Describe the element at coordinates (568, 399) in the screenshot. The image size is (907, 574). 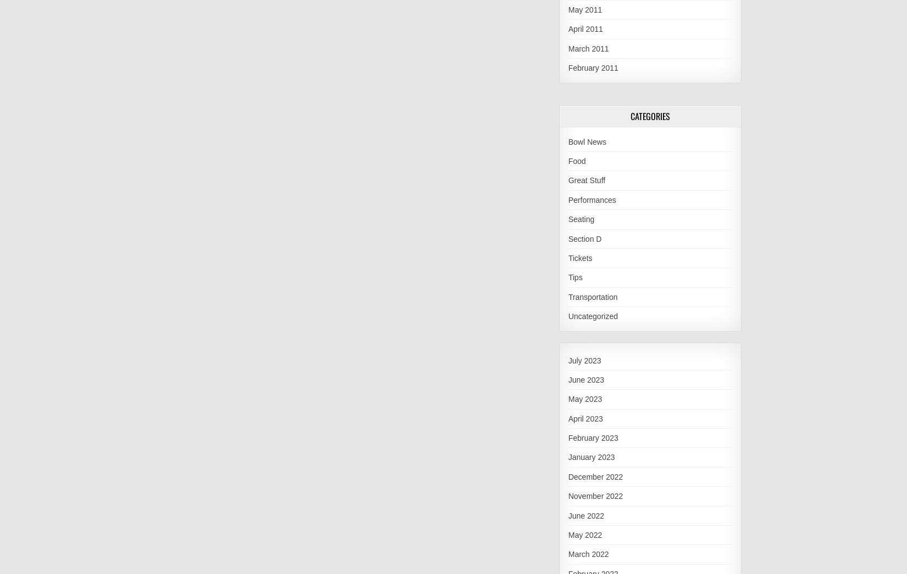
I see `'May 2023'` at that location.